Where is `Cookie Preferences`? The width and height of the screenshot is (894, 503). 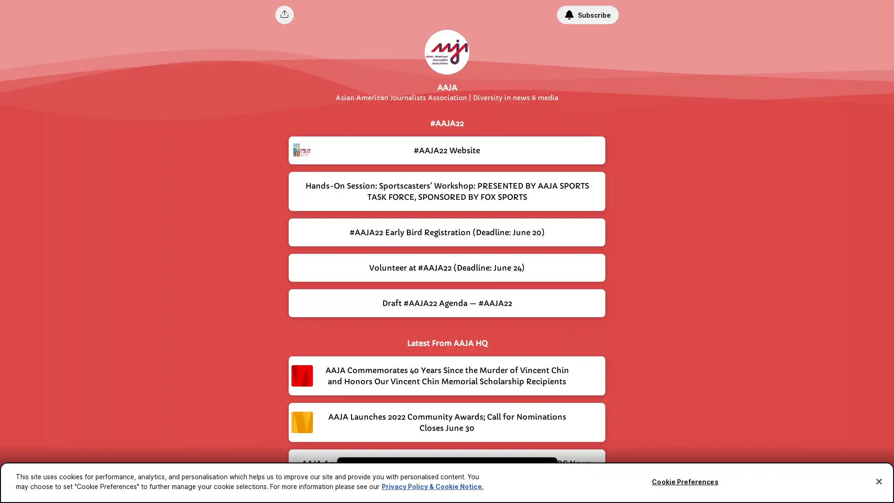
Cookie Preferences is located at coordinates (684, 482).